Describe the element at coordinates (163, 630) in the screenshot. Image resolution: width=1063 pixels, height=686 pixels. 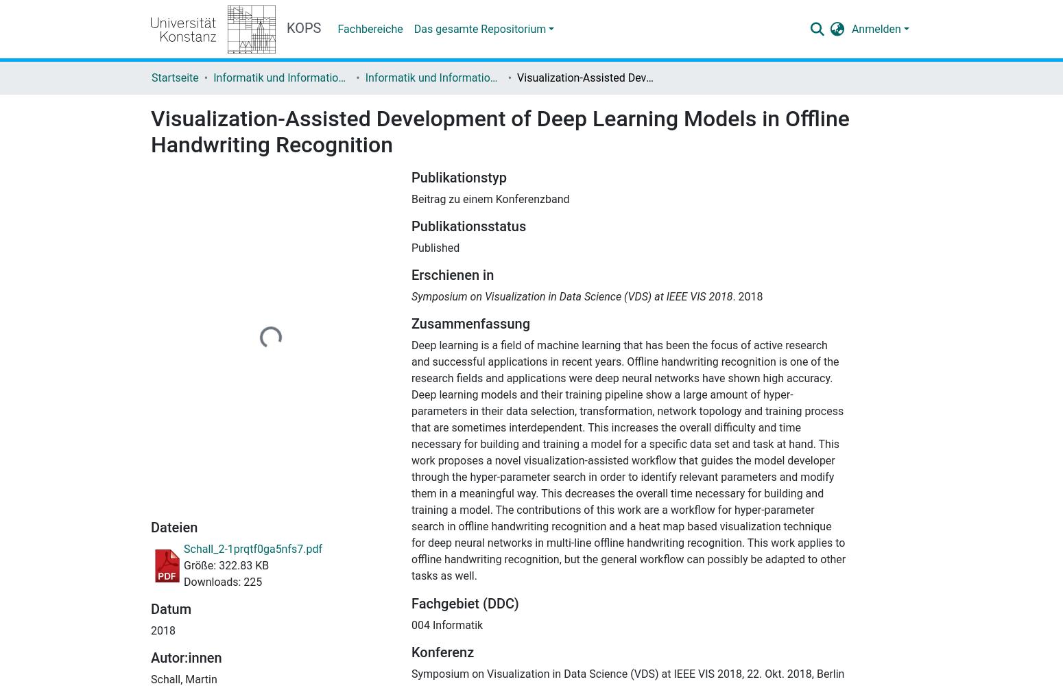
I see `'2018'` at that location.